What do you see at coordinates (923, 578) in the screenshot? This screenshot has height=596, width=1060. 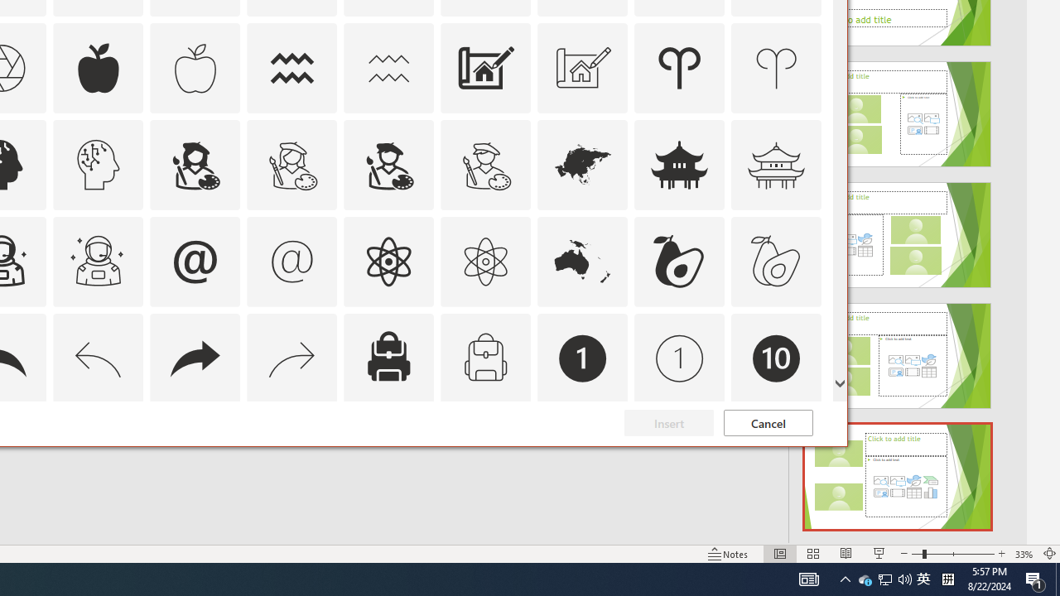 I see `'IME Mode Icon - IME is disabled'` at bounding box center [923, 578].